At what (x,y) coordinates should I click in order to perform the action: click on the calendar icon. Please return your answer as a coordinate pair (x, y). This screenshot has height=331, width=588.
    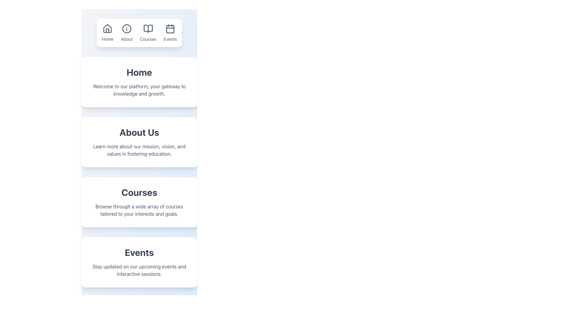
    Looking at the image, I should click on (170, 29).